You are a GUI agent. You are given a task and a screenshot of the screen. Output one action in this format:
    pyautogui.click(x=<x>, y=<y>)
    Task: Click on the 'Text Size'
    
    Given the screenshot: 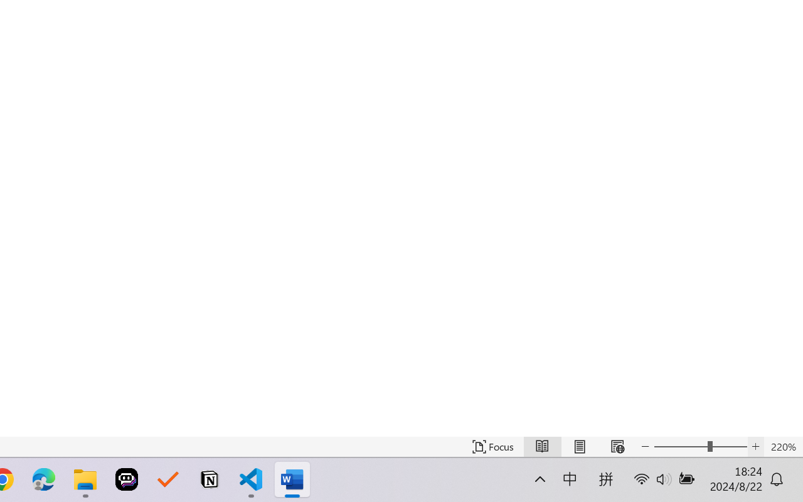 What is the action you would take?
    pyautogui.click(x=699, y=446)
    